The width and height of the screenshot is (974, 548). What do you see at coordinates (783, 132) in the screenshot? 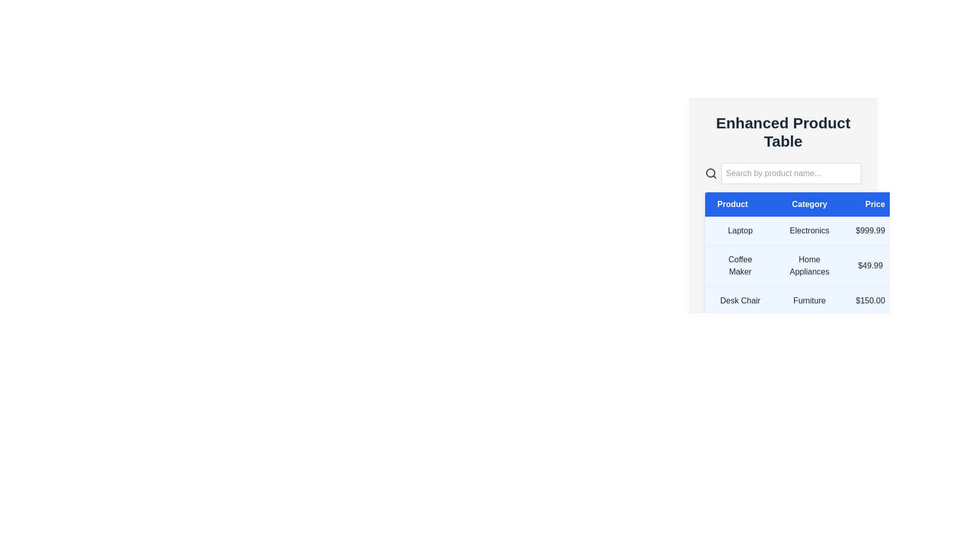
I see `the heading text element that serves as the title for the section, positioned at the topmost area above the search input` at bounding box center [783, 132].